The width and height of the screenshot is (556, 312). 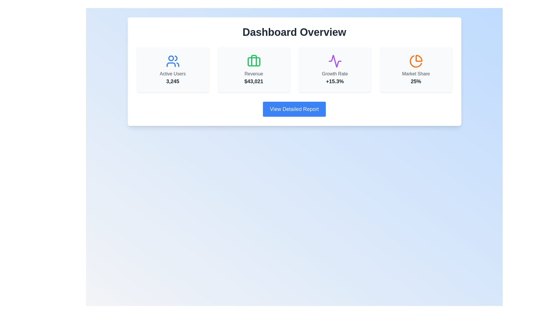 I want to click on the green vertical rectangle outline element located centrally in the briefcase icon representing the 'Revenue' card on the dashboard for information, so click(x=254, y=60).